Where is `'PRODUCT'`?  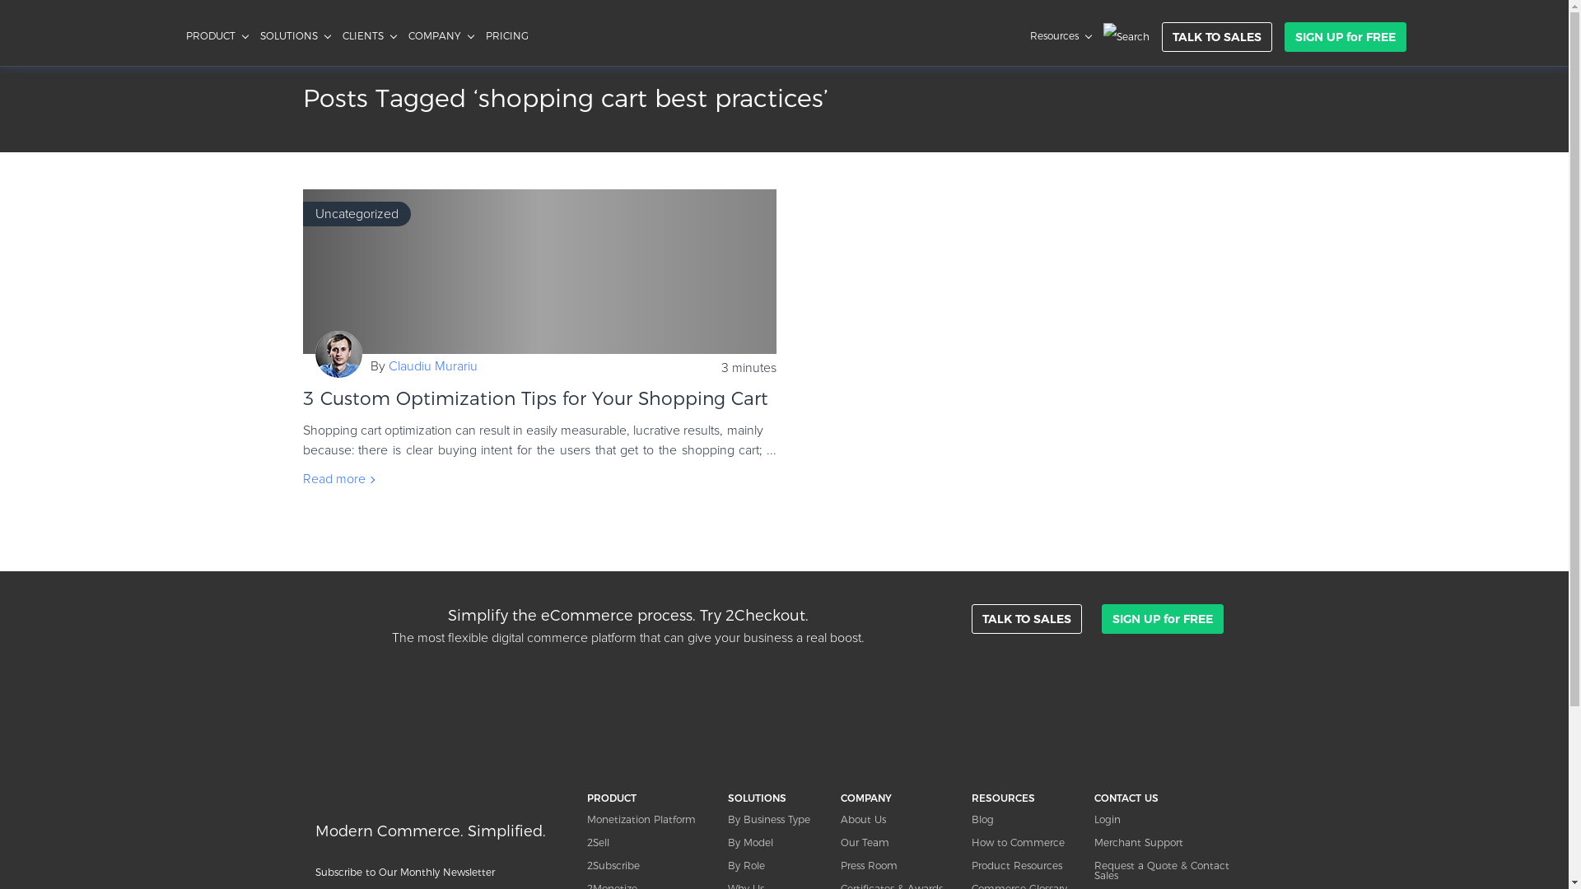
'PRODUCT' is located at coordinates (216, 35).